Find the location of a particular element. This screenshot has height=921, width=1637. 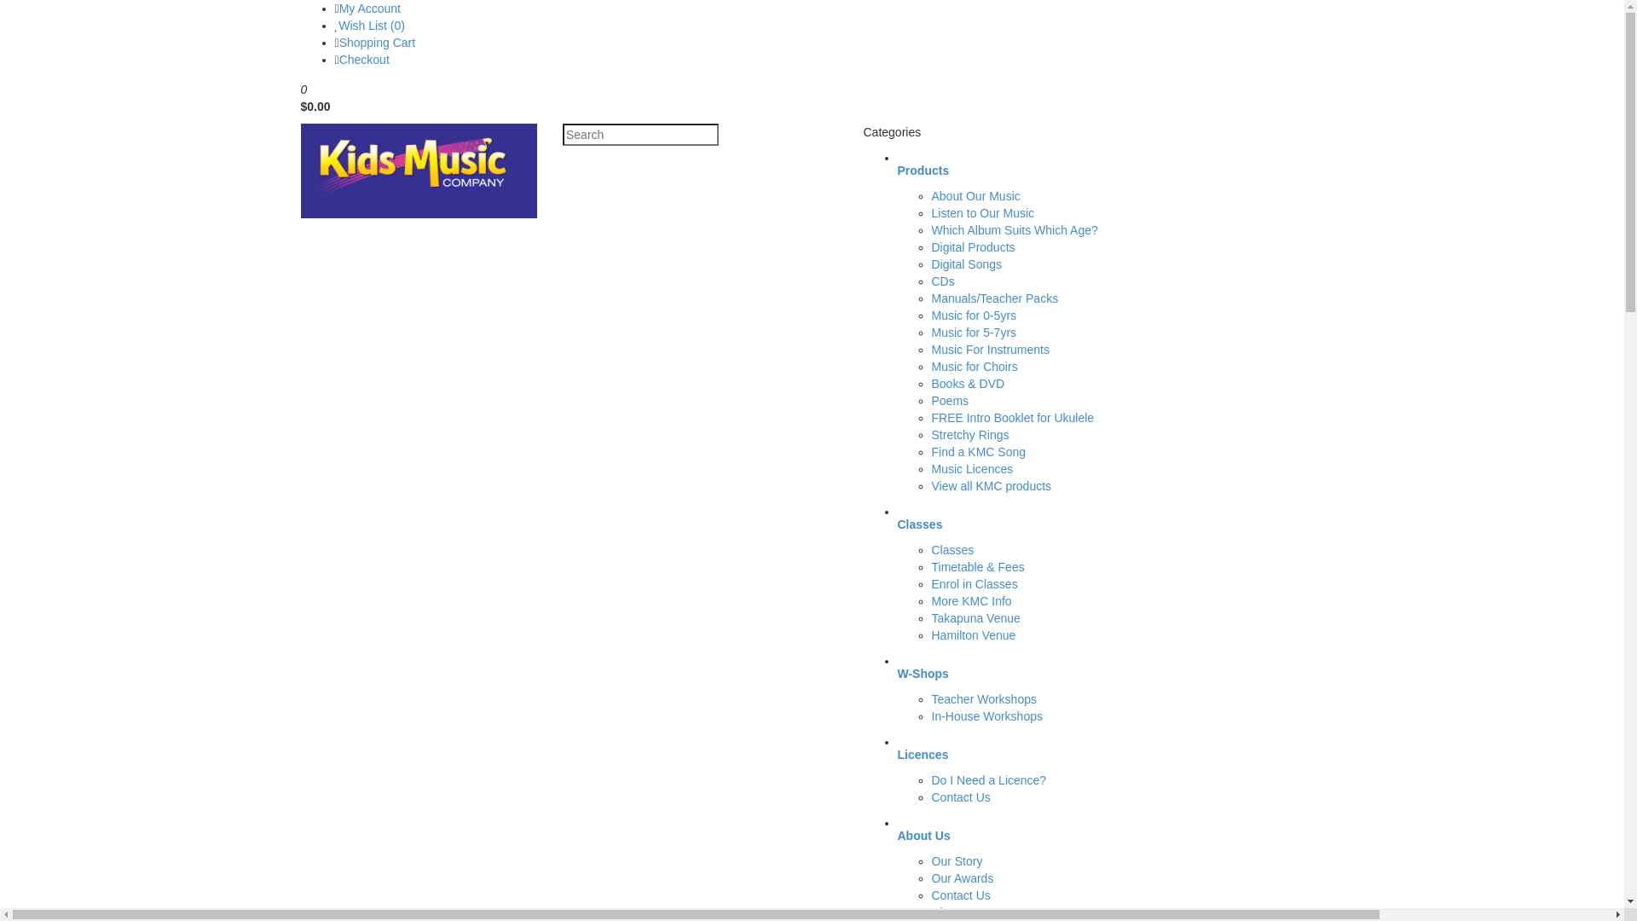

'My Account' is located at coordinates (339, 9).